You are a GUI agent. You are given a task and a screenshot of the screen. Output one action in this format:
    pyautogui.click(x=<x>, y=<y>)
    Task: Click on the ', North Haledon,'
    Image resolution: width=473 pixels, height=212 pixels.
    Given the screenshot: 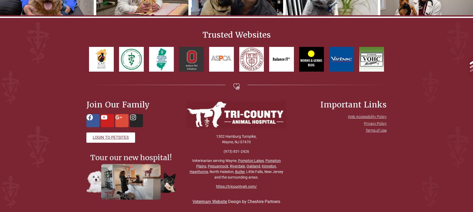 What is the action you would take?
    pyautogui.click(x=221, y=171)
    